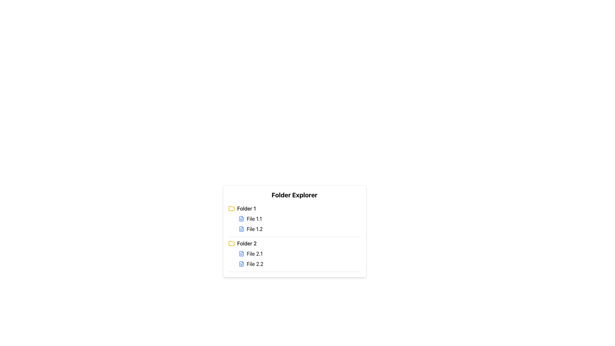 This screenshot has width=615, height=346. Describe the element at coordinates (241, 228) in the screenshot. I see `the document-like icon with a white background and blue strokes, located directly to the left of the text label 'File 1.2', to initiate file-related actions` at that location.